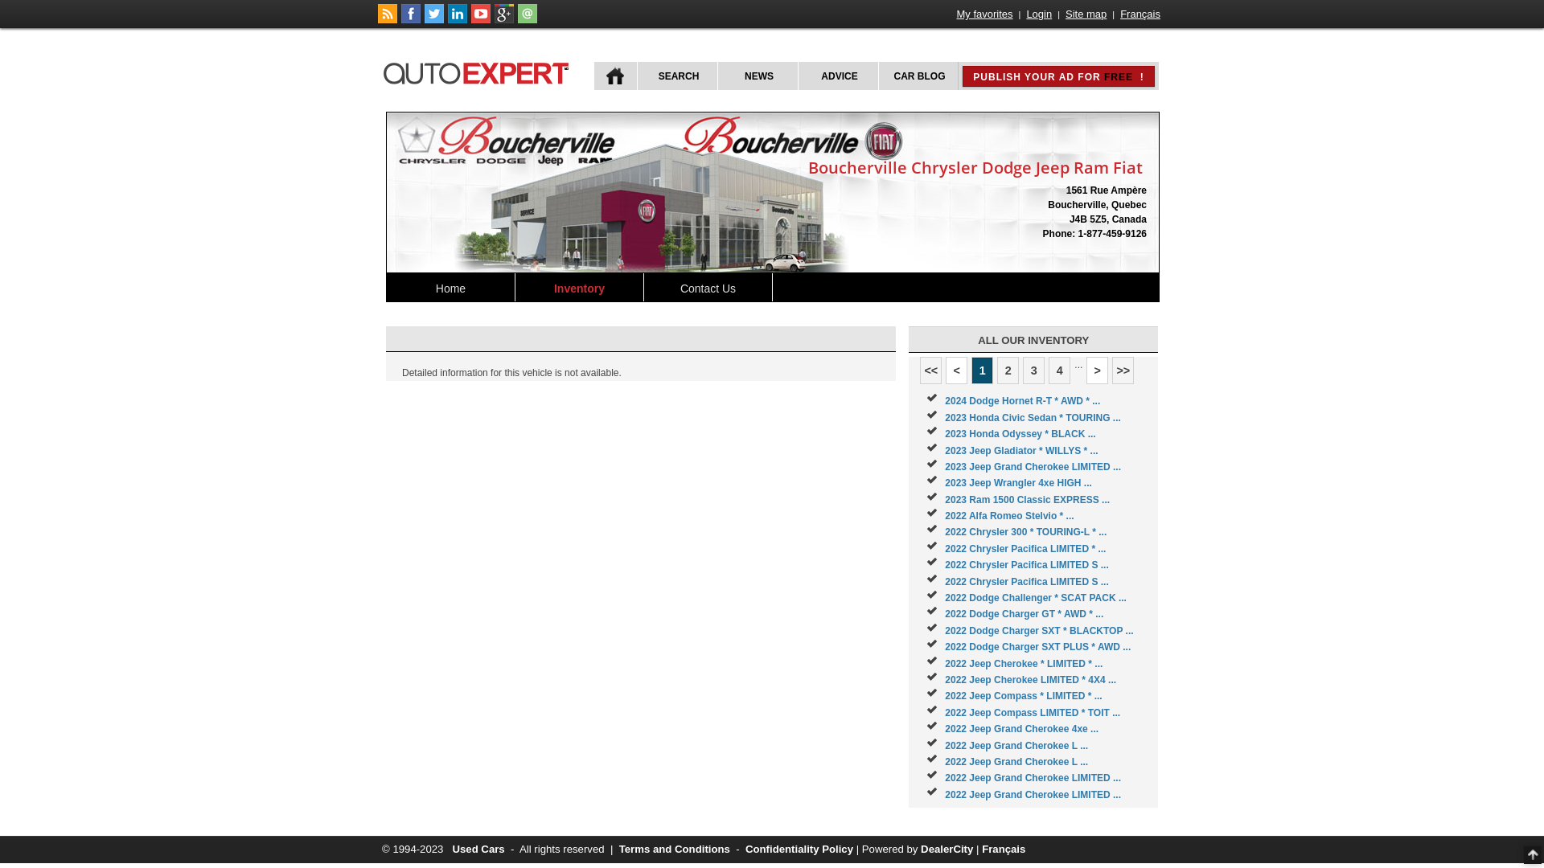 The height and width of the screenshot is (868, 1544). I want to click on 'Follow autoExpert.ca on Facebook', so click(410, 19).